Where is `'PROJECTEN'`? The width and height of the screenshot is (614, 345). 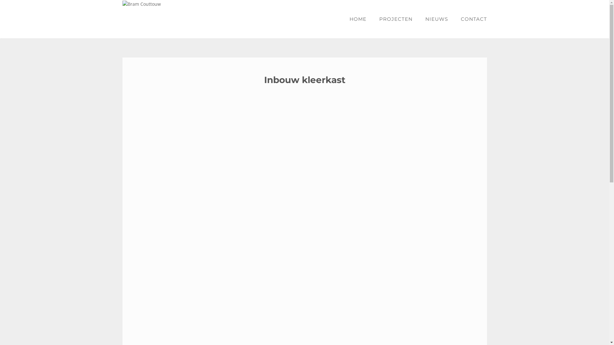 'PROJECTEN' is located at coordinates (373, 19).